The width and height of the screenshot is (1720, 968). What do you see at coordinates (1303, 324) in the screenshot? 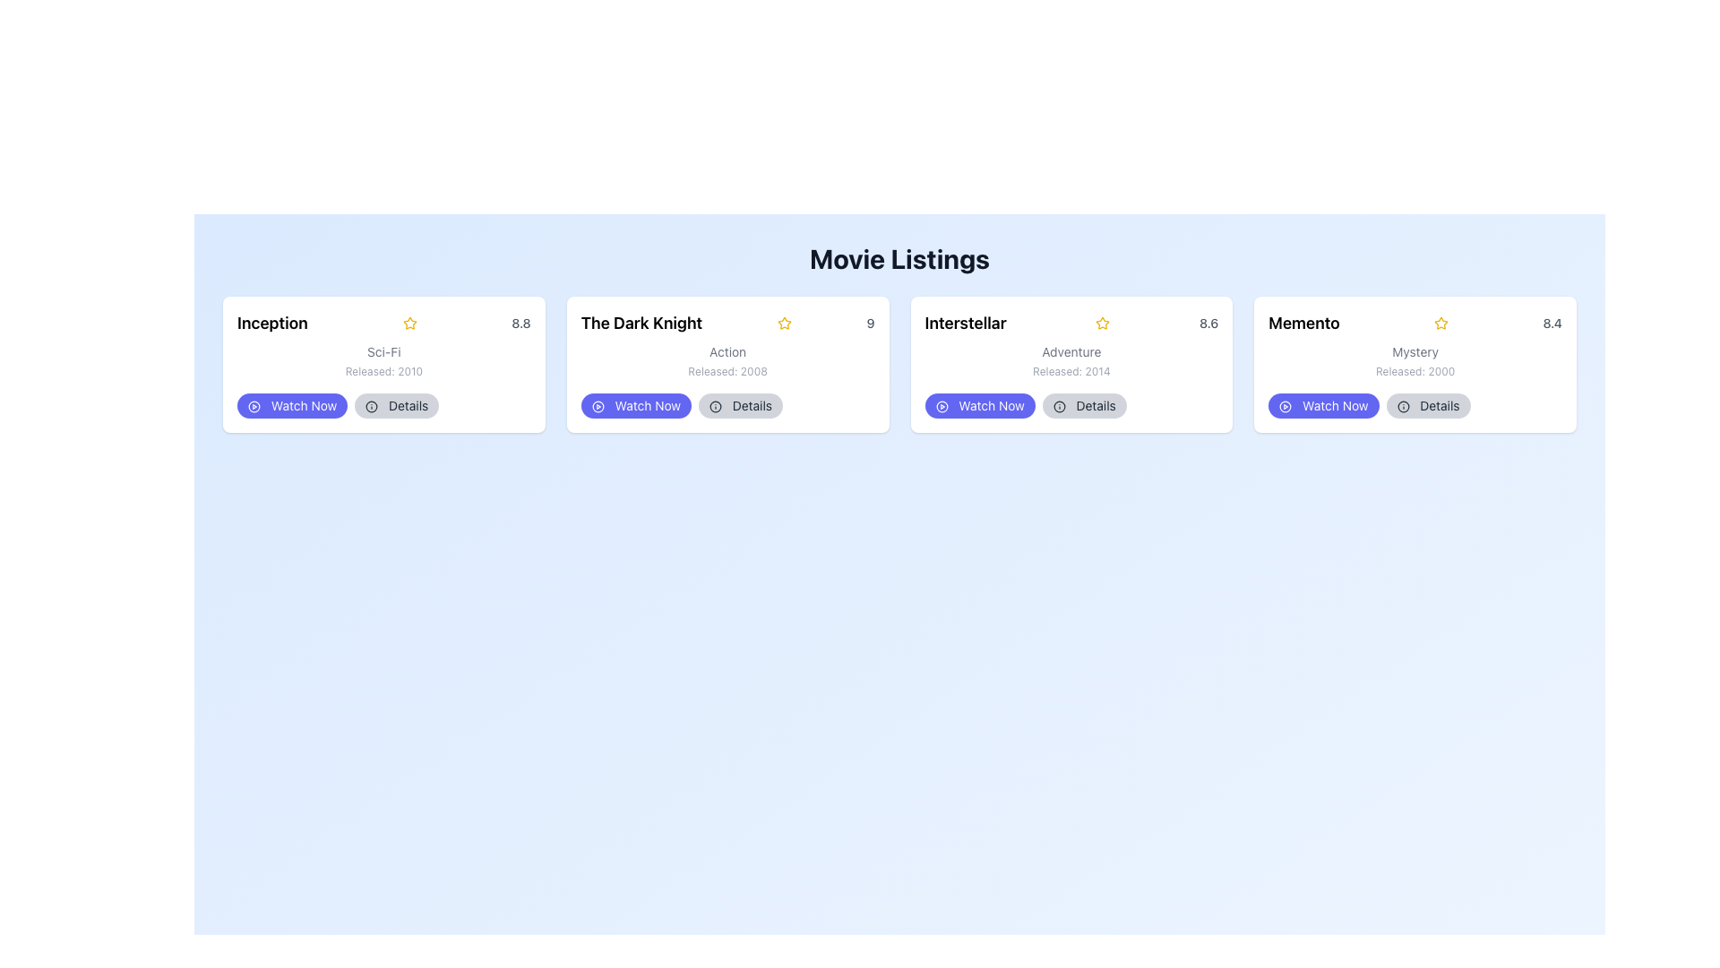
I see `the bold text label displaying 'Memento' at the top of the movie card to use it as a reference for identifying related information` at bounding box center [1303, 324].